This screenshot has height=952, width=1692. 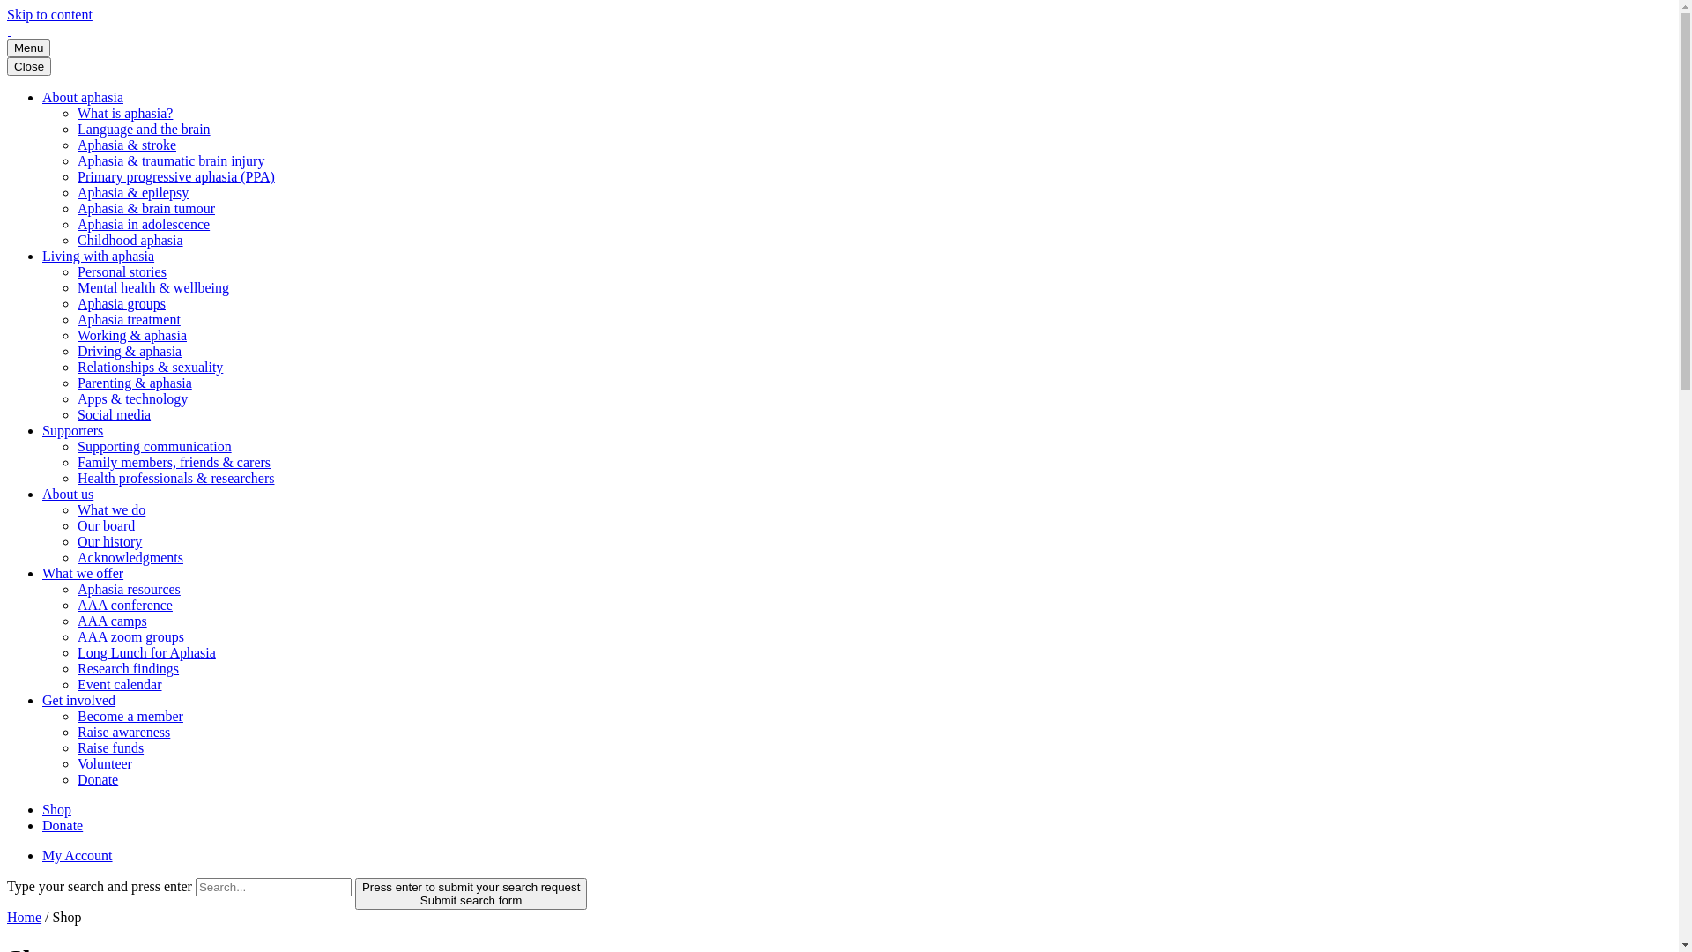 I want to click on 'Acknowledgments', so click(x=130, y=557).